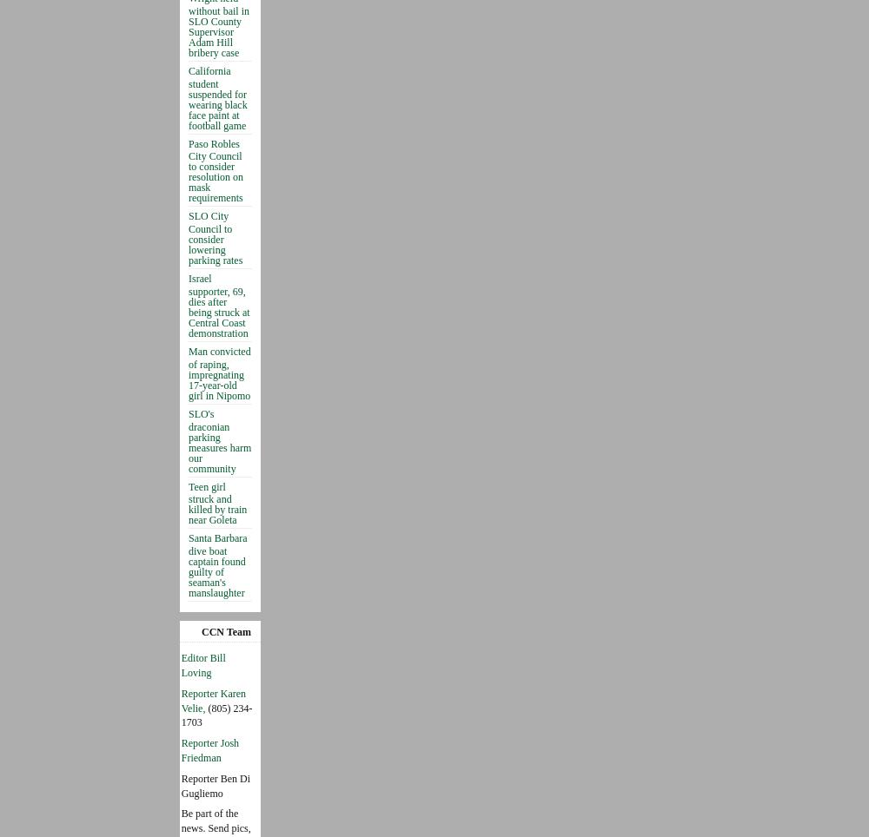 The height and width of the screenshot is (837, 869). What do you see at coordinates (202, 664) in the screenshot?
I see `'Editor Bill Loving'` at bounding box center [202, 664].